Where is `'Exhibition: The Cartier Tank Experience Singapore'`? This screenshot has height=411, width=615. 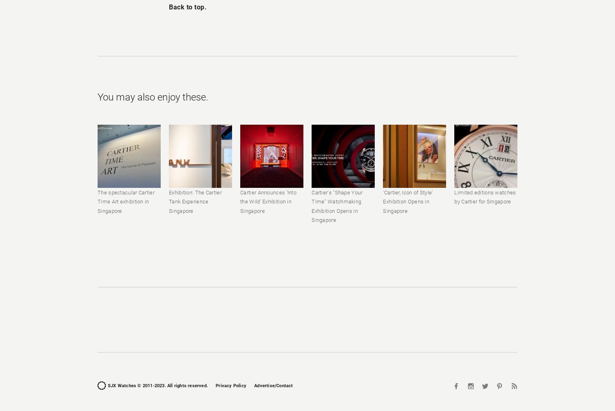 'Exhibition: The Cartier Tank Experience Singapore' is located at coordinates (194, 201).